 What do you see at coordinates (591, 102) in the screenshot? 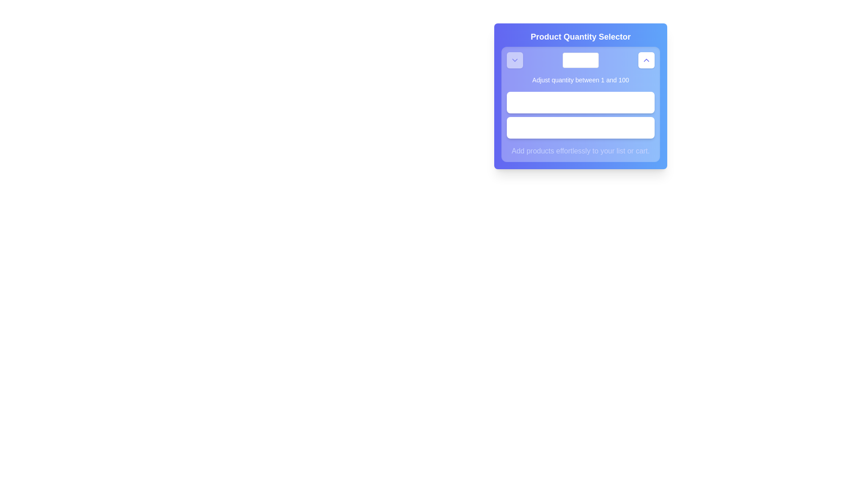
I see `the quantity` at bounding box center [591, 102].